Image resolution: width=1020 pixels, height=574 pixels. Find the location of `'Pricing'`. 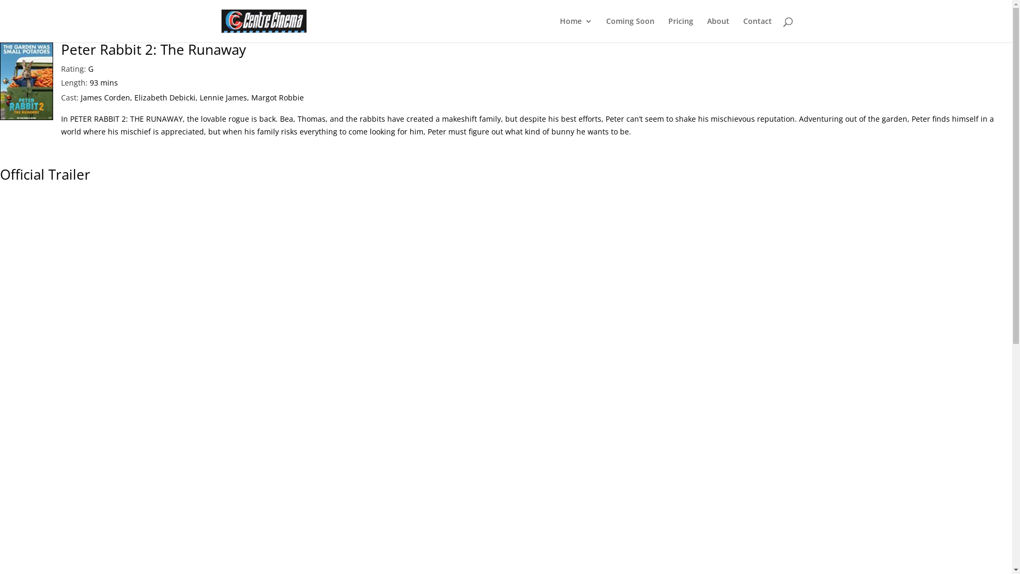

'Pricing' is located at coordinates (681, 29).